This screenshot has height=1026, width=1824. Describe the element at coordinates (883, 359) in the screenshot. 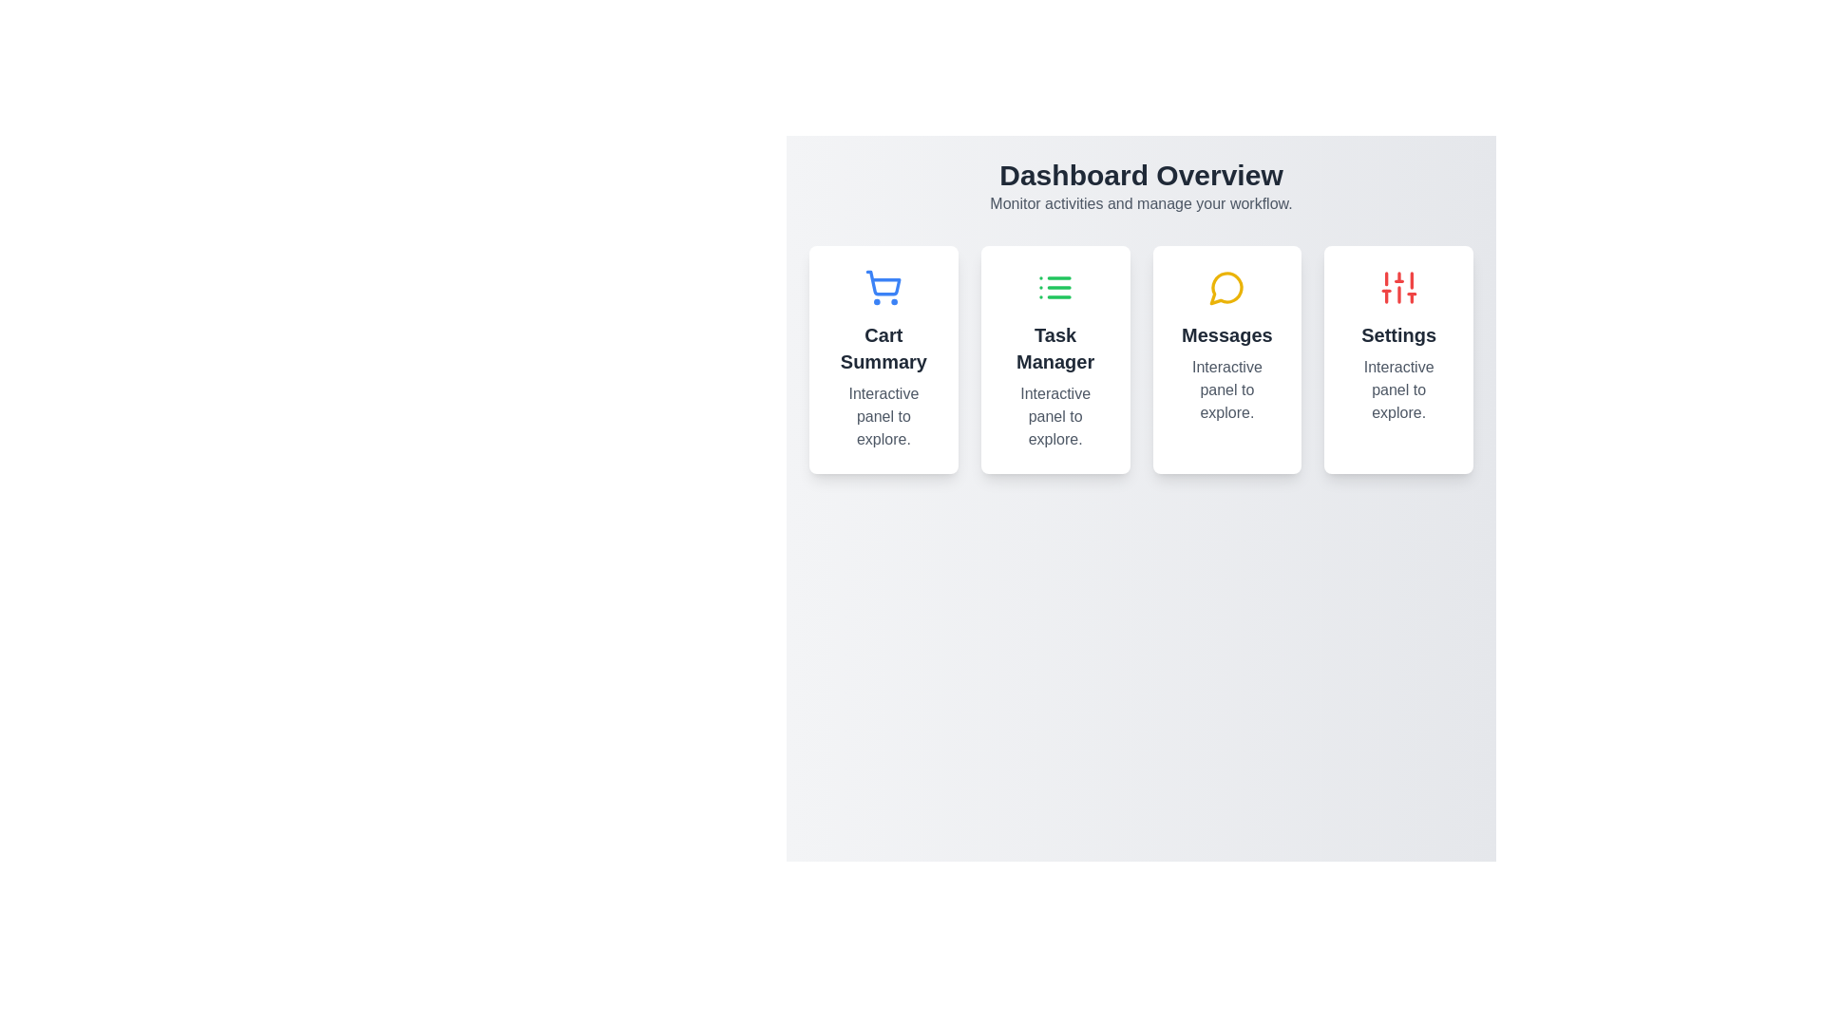

I see `the Interactive Information Panel featuring a blue shopping cart icon and 'Cart Summary' text for additional info` at that location.